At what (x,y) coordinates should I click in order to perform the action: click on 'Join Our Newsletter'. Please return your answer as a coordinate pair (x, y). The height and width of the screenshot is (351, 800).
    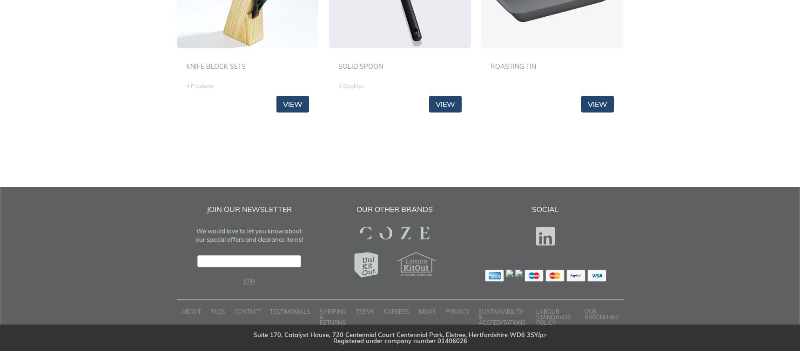
    Looking at the image, I should click on (249, 208).